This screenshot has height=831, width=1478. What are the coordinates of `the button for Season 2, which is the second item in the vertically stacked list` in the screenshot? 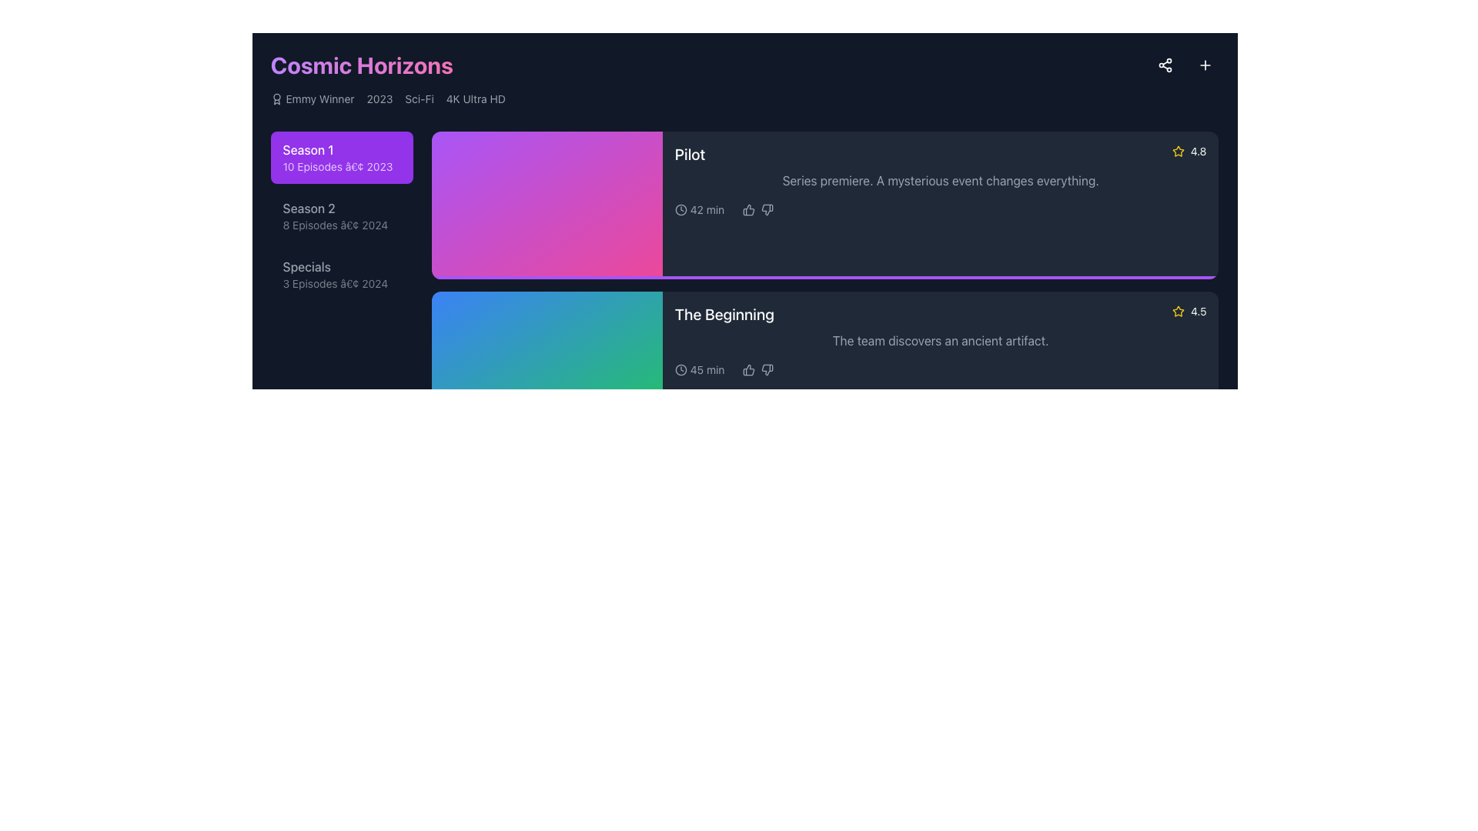 It's located at (341, 216).